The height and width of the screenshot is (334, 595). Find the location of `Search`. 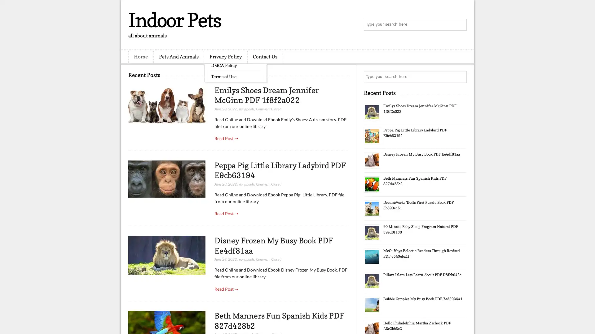

Search is located at coordinates (460, 25).